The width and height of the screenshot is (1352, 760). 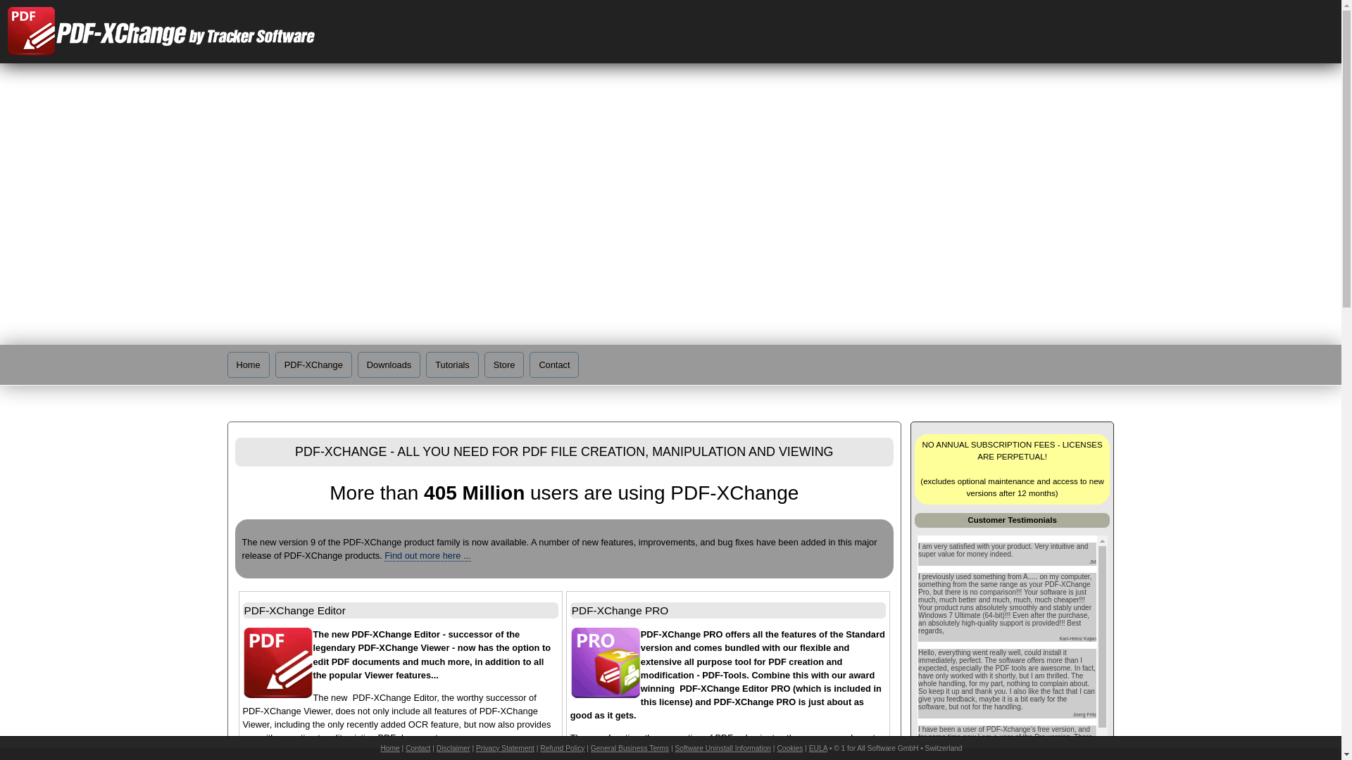 What do you see at coordinates (629, 747) in the screenshot?
I see `'General Business Terms'` at bounding box center [629, 747].